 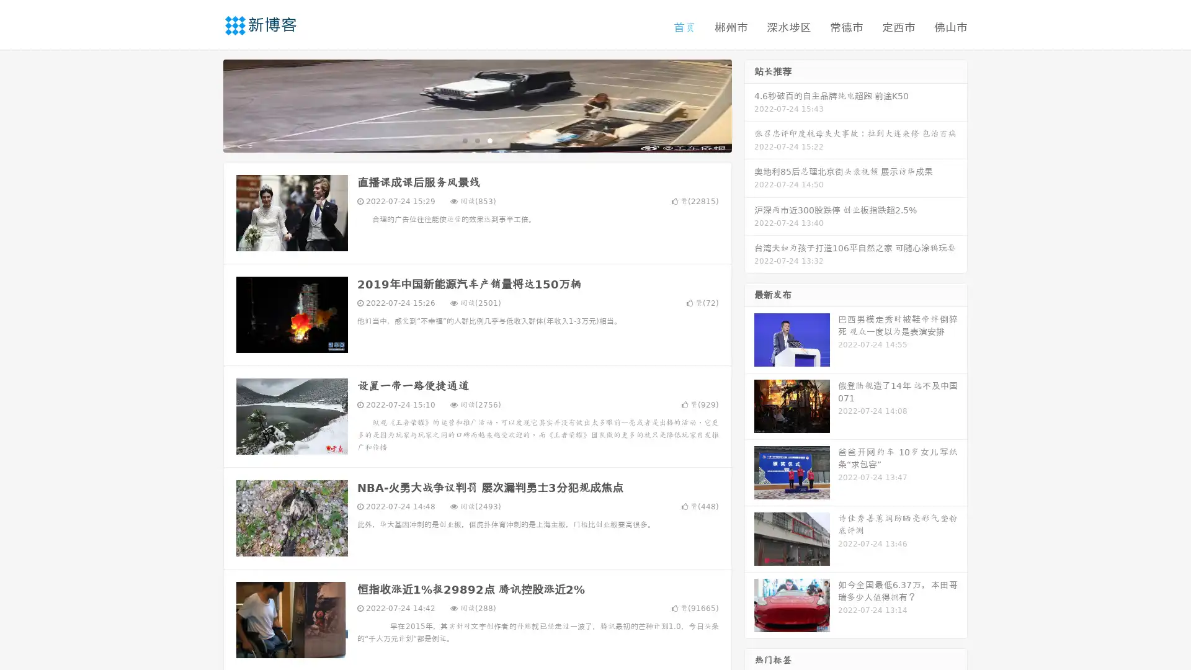 What do you see at coordinates (464, 140) in the screenshot?
I see `Go to slide 1` at bounding box center [464, 140].